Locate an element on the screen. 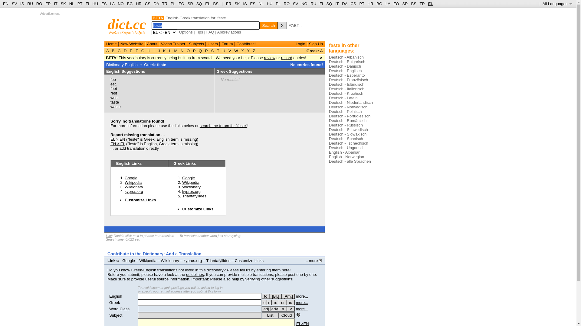 The width and height of the screenshot is (581, 326). 'more...' is located at coordinates (296, 302).